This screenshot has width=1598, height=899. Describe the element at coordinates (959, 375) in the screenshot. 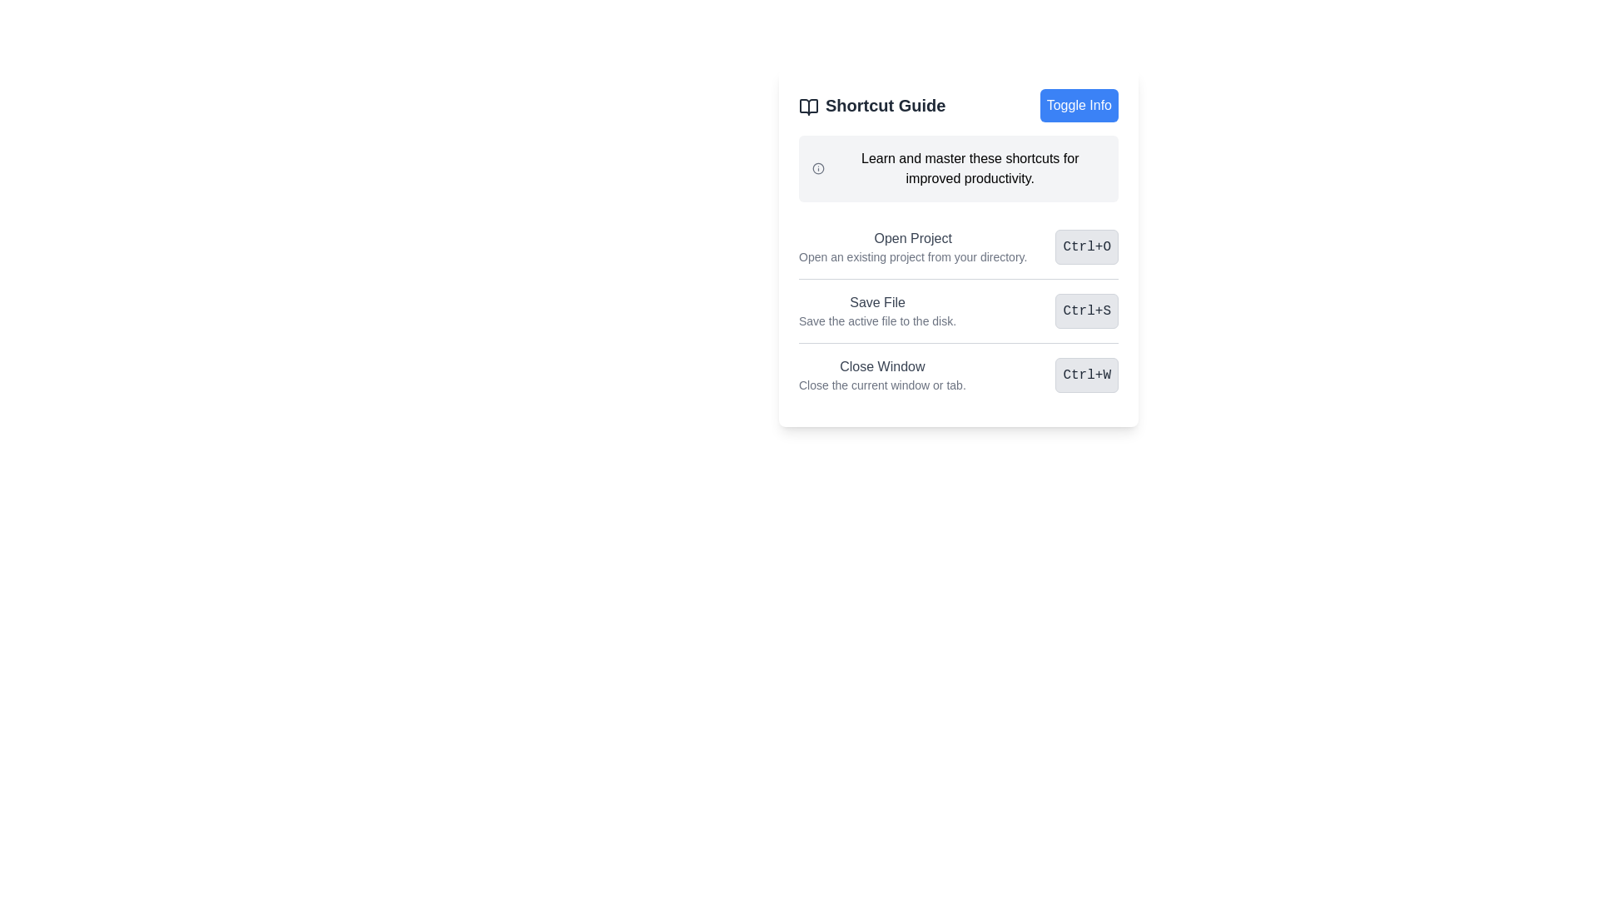

I see `the third list item in the 'Shortcut Guide' panel to read the tooltip text for 'Ctrl+W' which closes the current window or tab` at that location.